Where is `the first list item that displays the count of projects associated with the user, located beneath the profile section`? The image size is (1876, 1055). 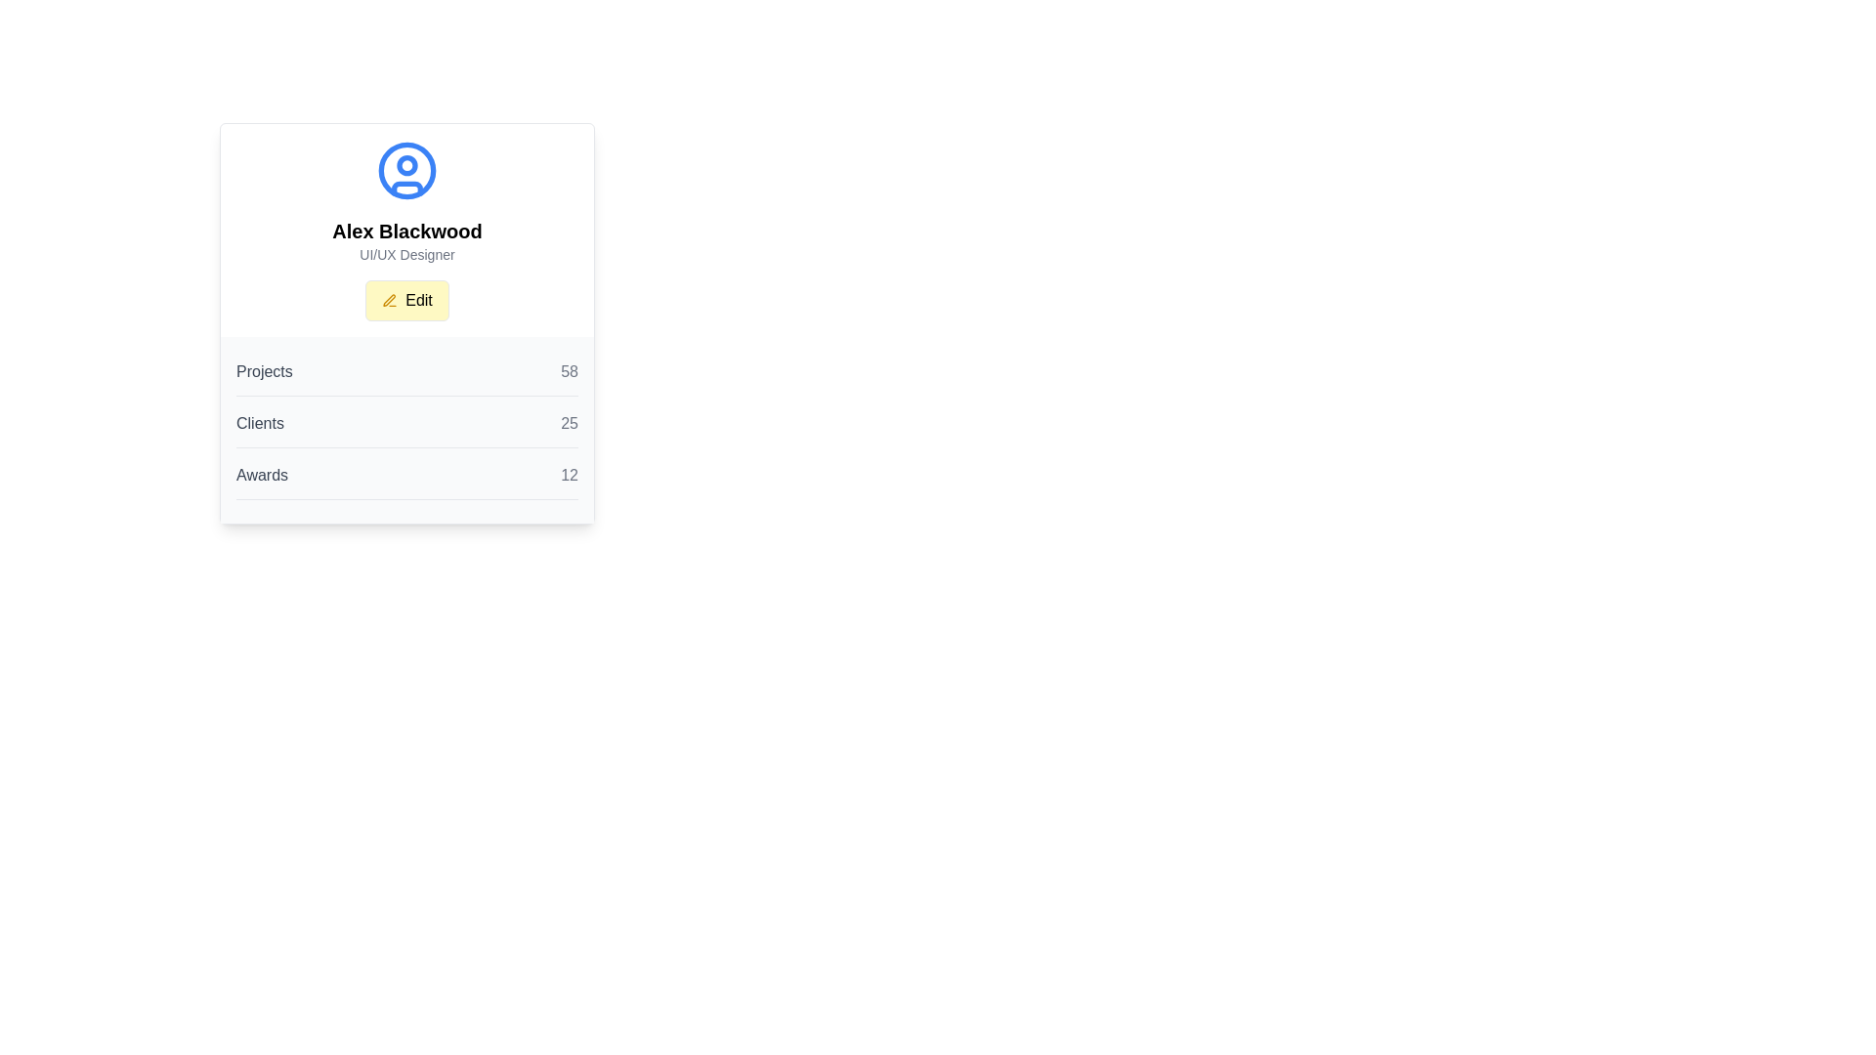 the first list item that displays the count of projects associated with the user, located beneath the profile section is located at coordinates (406, 378).